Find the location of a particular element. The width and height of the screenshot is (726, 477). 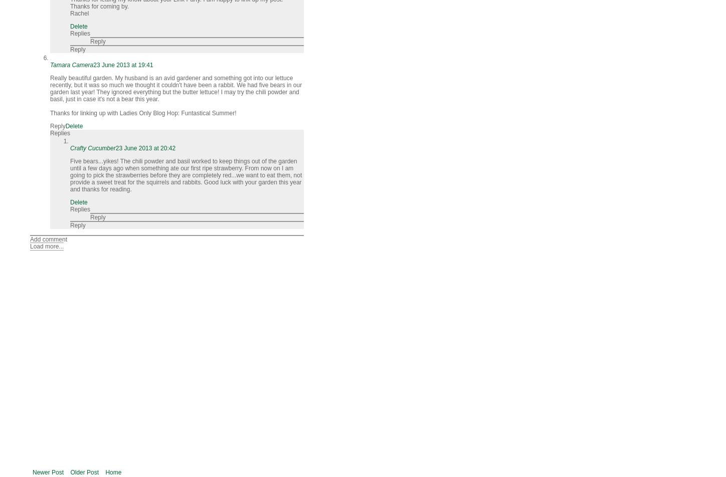

'Rachel' is located at coordinates (79, 14).